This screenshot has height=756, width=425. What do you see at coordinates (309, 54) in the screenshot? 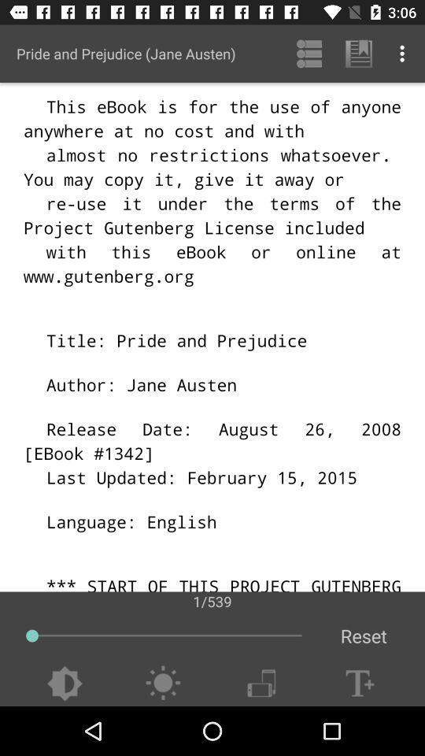
I see `app to the right of the pride and prejudice icon` at bounding box center [309, 54].